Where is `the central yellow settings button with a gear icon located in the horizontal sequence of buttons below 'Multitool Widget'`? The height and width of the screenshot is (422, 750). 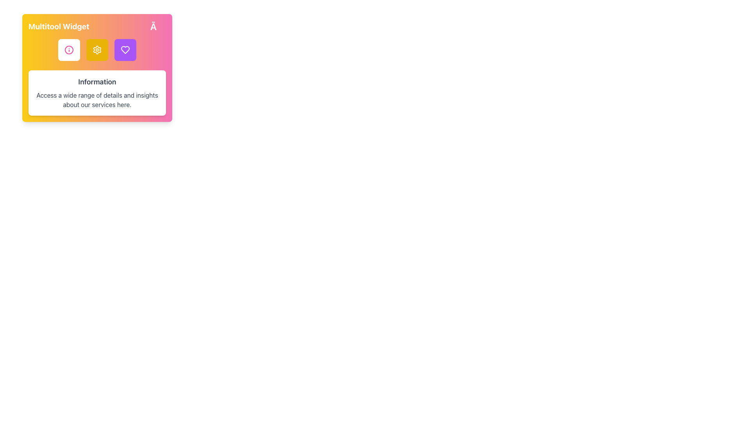
the central yellow settings button with a gear icon located in the horizontal sequence of buttons below 'Multitool Widget' is located at coordinates (97, 50).